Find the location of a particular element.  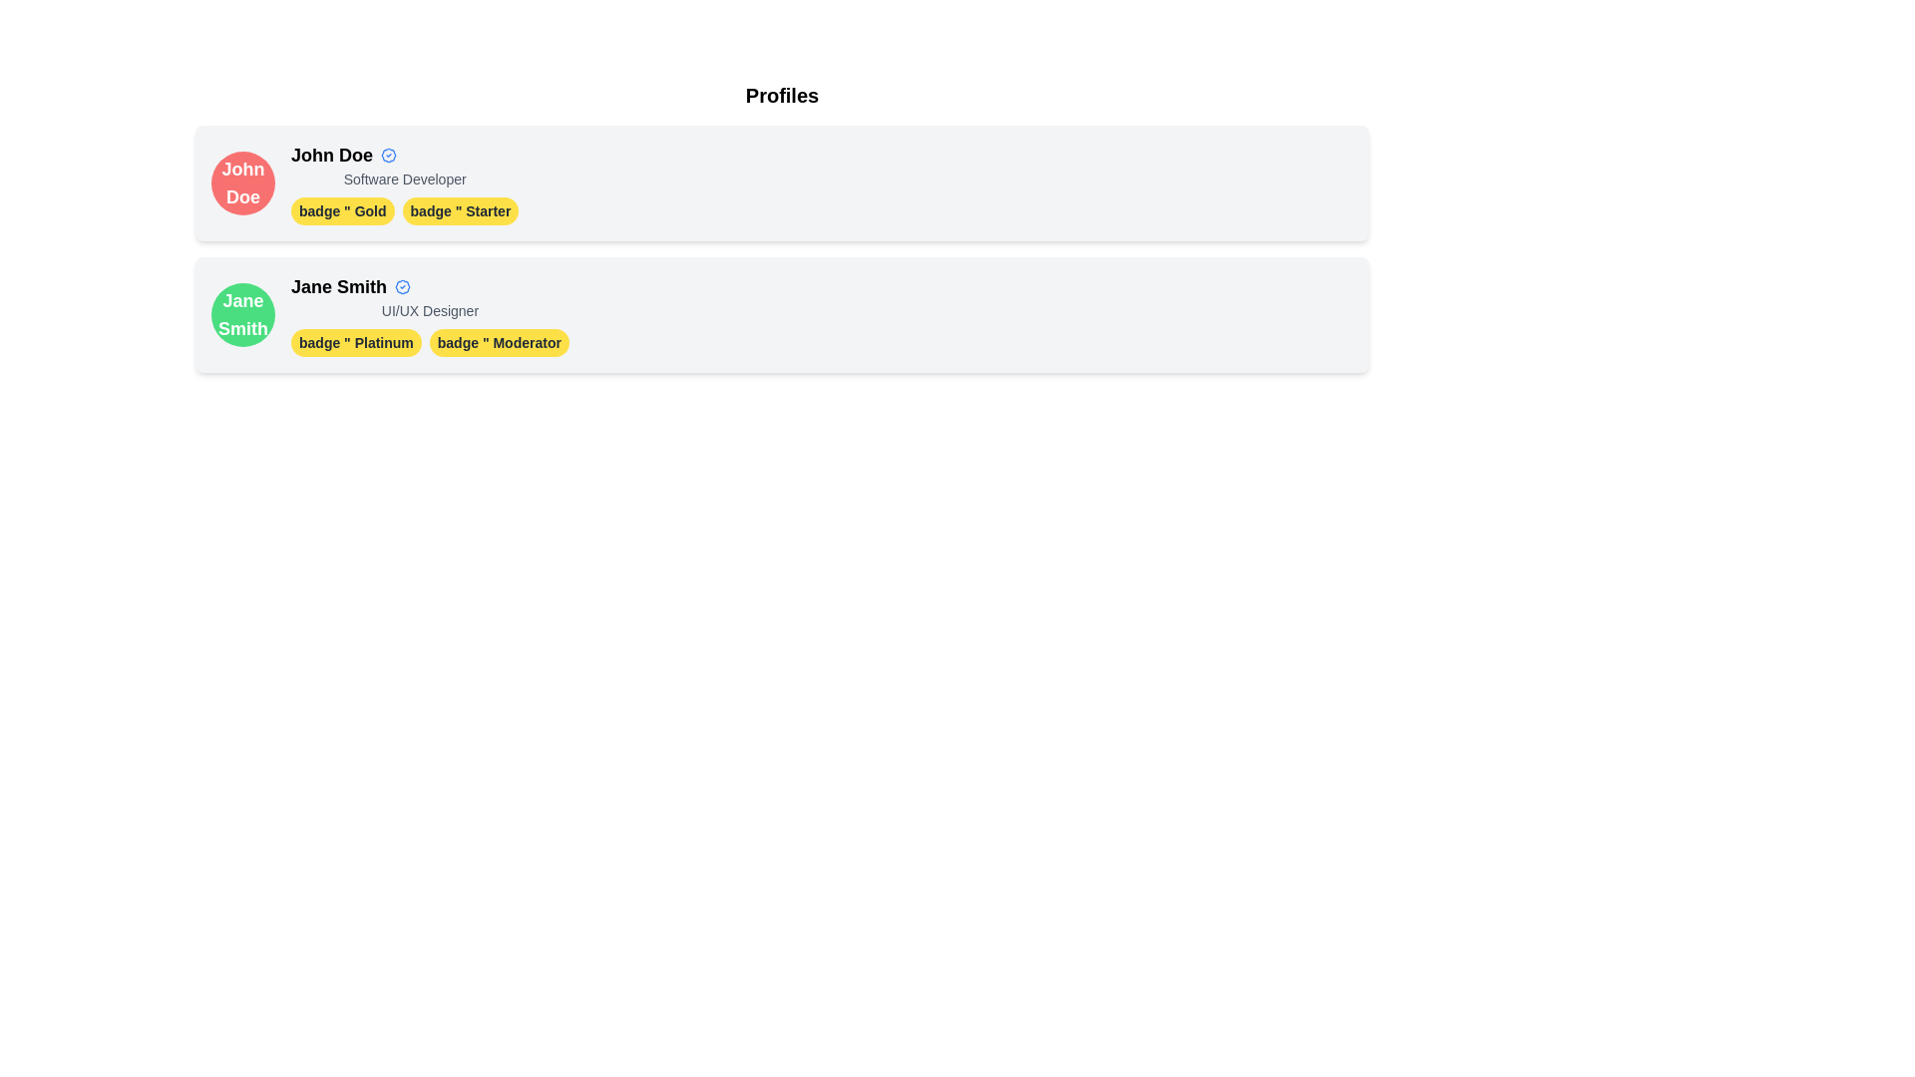

the badge icon indicating verified status next to 'John Doe', which has a blue outline and a checkmark shape is located at coordinates (388, 154).